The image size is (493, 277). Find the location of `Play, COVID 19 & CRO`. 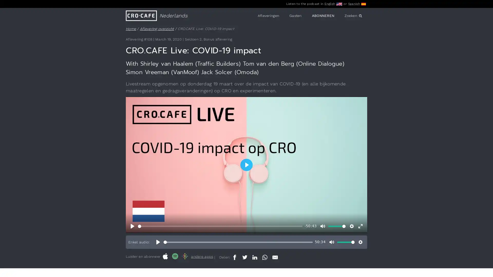

Play, COVID 19 & CRO is located at coordinates (132, 226).